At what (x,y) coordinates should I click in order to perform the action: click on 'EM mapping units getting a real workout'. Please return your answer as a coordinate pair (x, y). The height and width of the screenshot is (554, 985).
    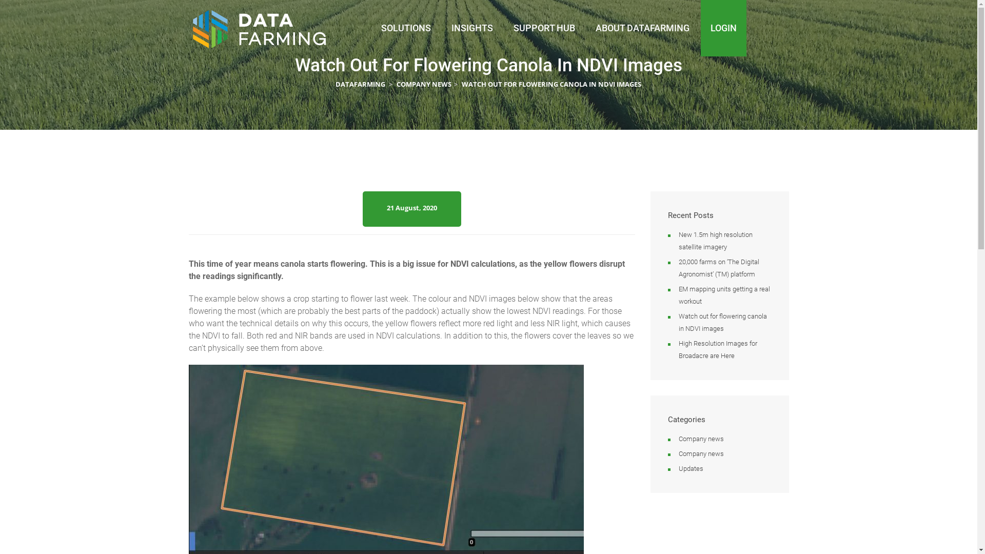
    Looking at the image, I should click on (723, 295).